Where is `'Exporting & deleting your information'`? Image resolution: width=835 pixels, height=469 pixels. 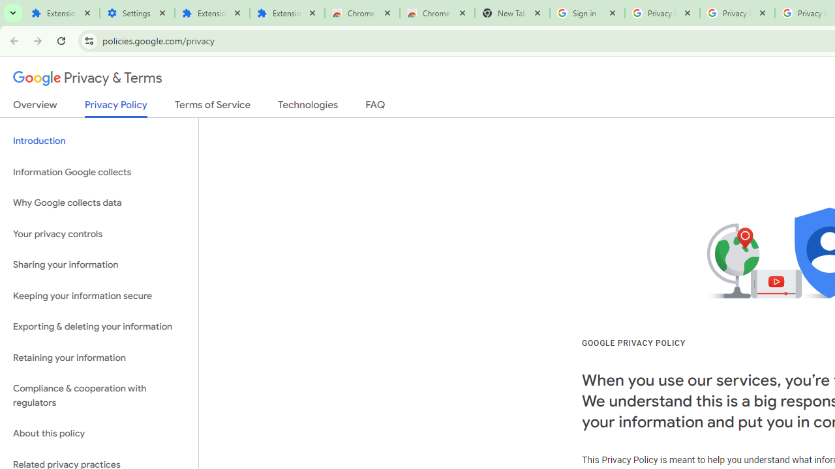 'Exporting & deleting your information' is located at coordinates (99, 326).